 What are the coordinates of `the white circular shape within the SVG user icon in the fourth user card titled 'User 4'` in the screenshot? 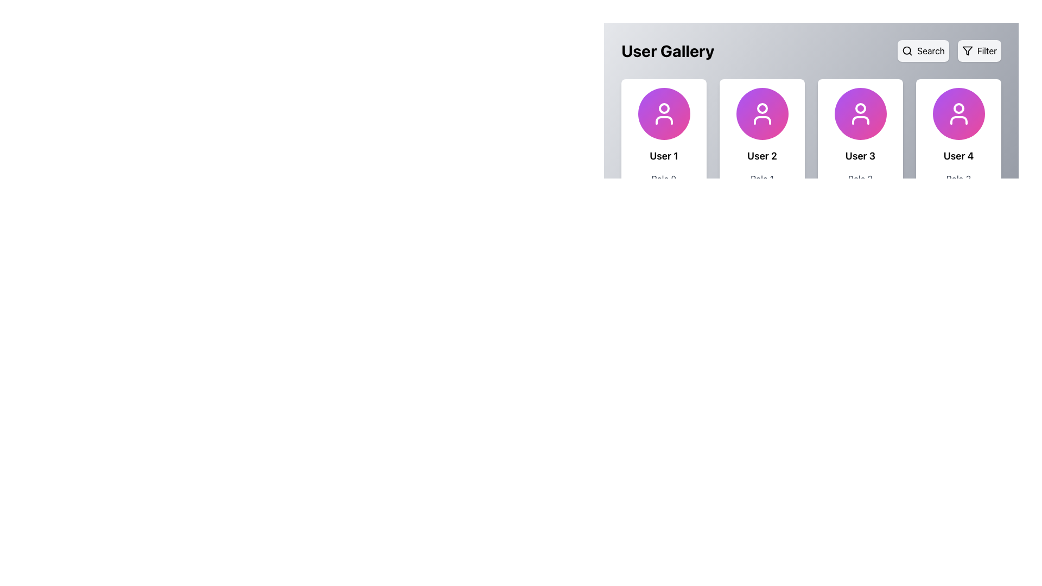 It's located at (958, 109).